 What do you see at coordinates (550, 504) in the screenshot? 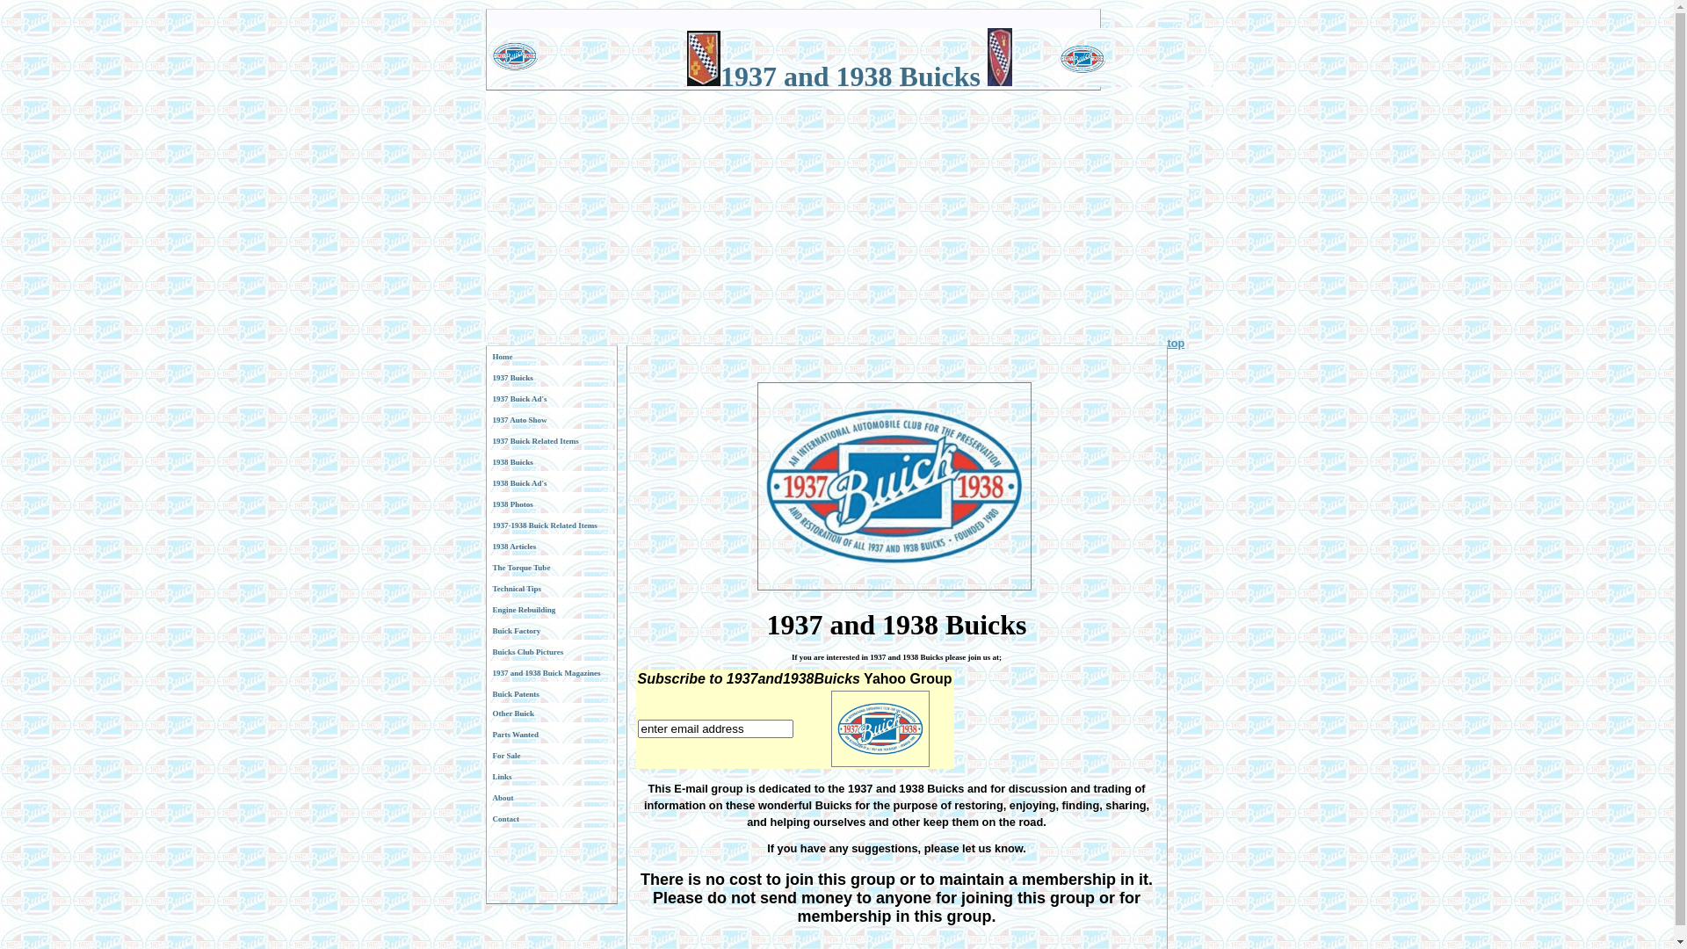
I see `'1938 Photos'` at bounding box center [550, 504].